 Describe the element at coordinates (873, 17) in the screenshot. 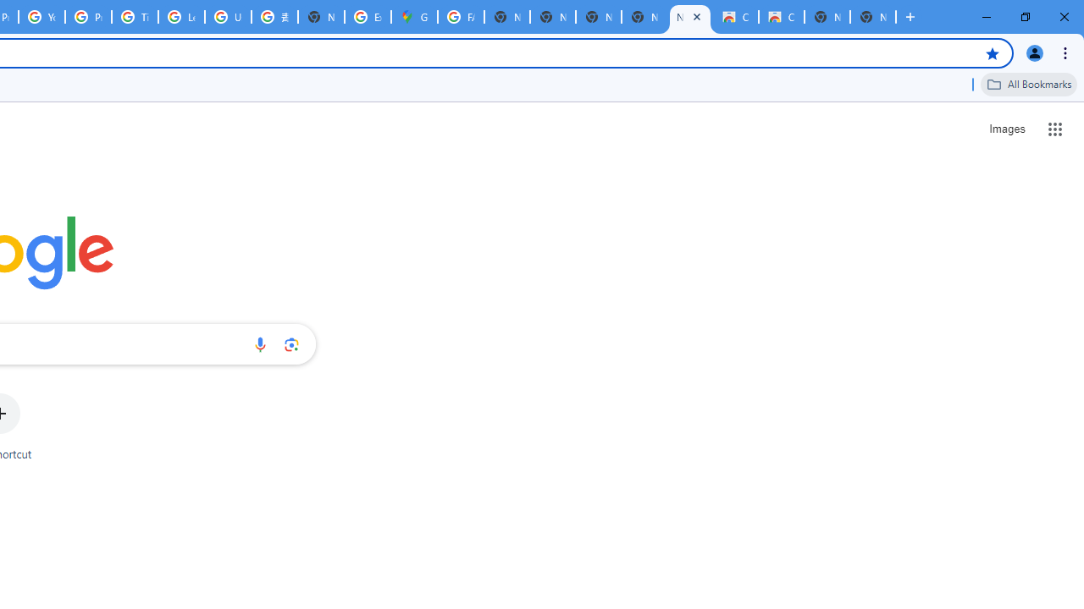

I see `'New Tab'` at that location.